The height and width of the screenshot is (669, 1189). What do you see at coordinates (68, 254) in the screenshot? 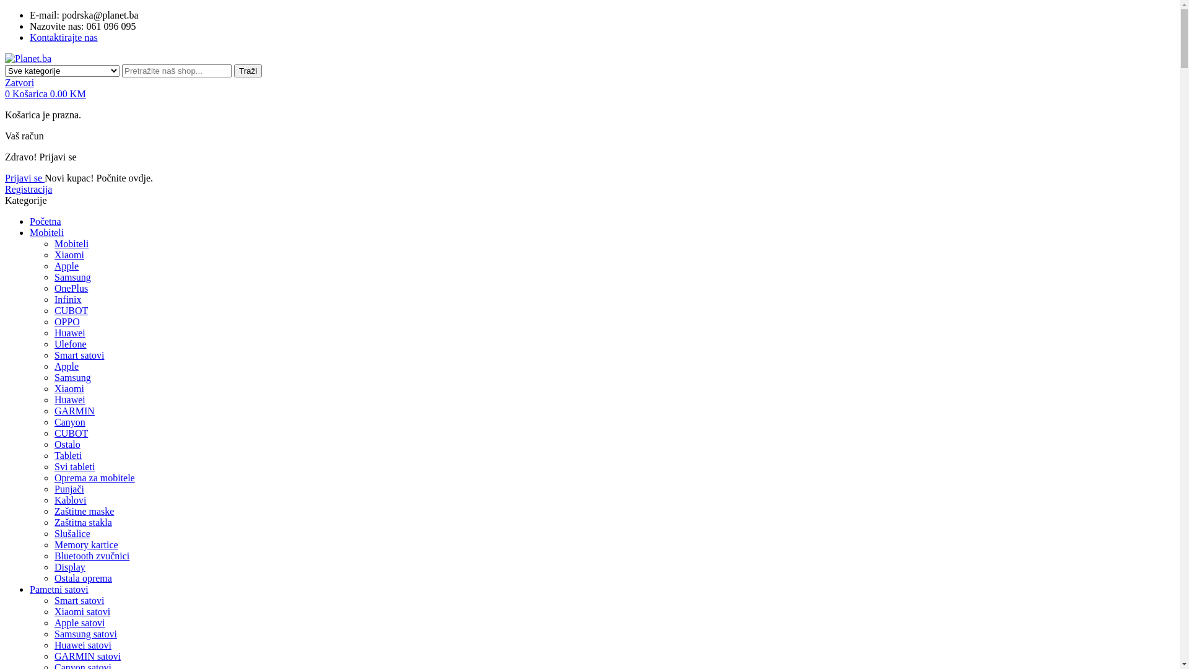
I see `'Xiaomi'` at bounding box center [68, 254].